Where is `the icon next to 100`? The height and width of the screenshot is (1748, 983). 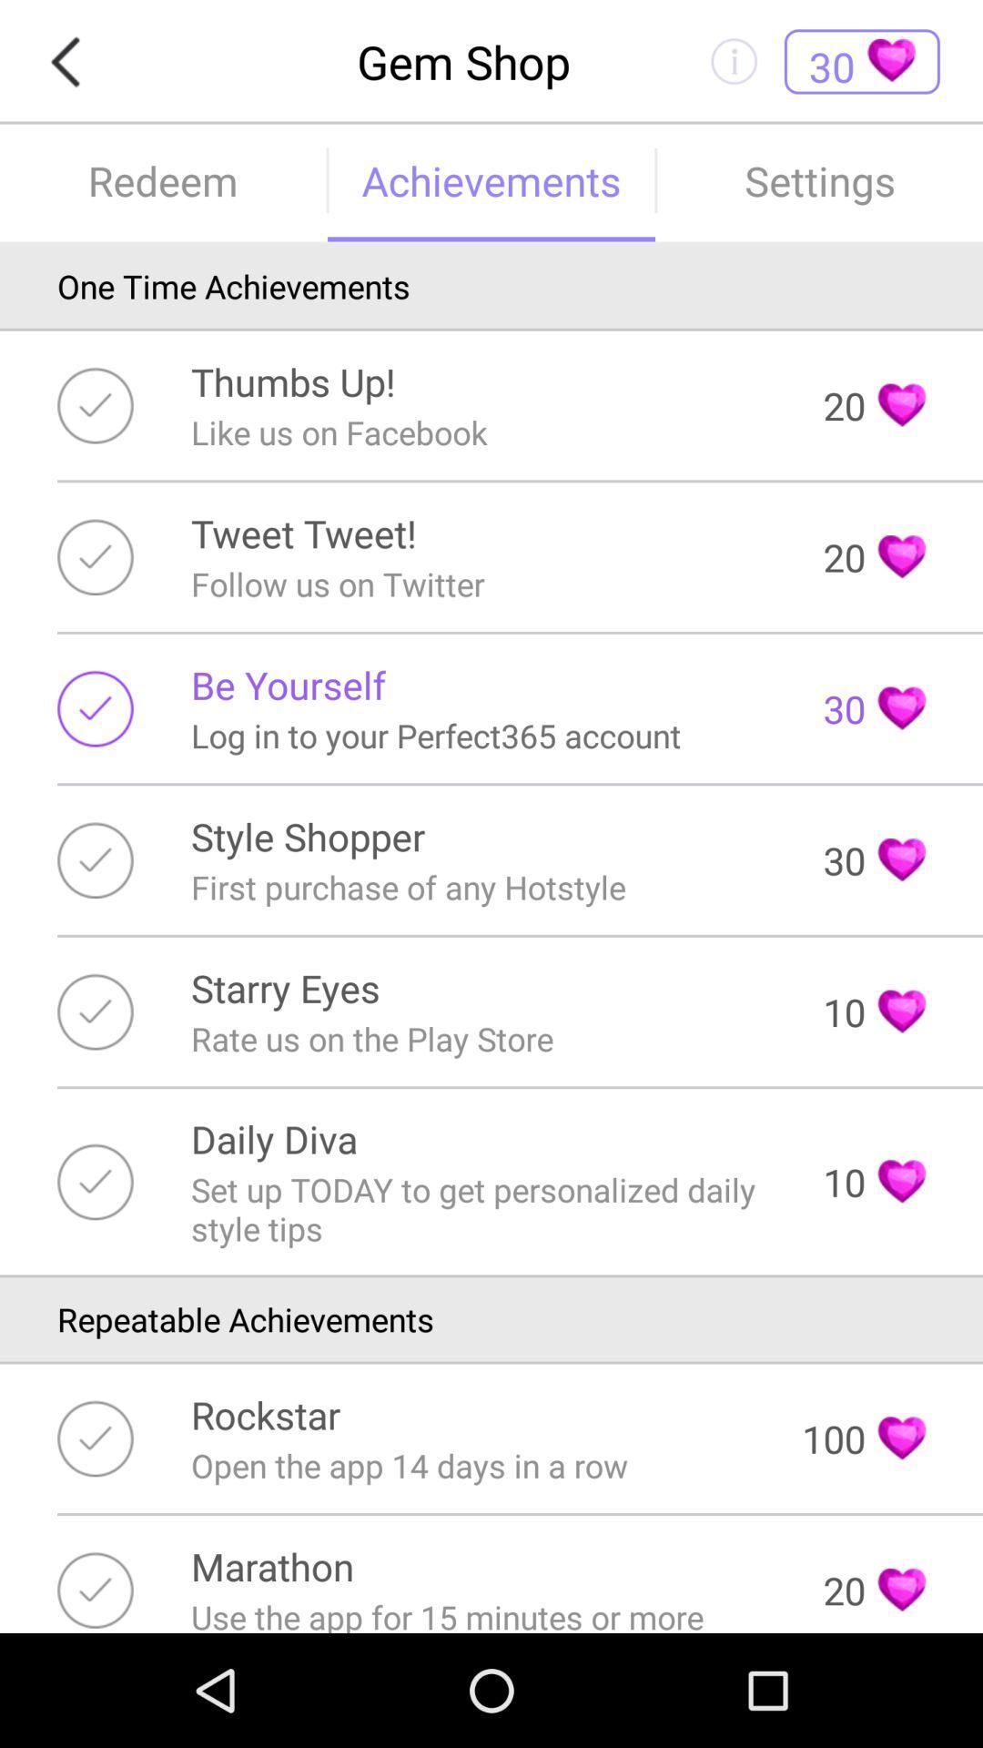
the icon next to 100 is located at coordinates (266, 1414).